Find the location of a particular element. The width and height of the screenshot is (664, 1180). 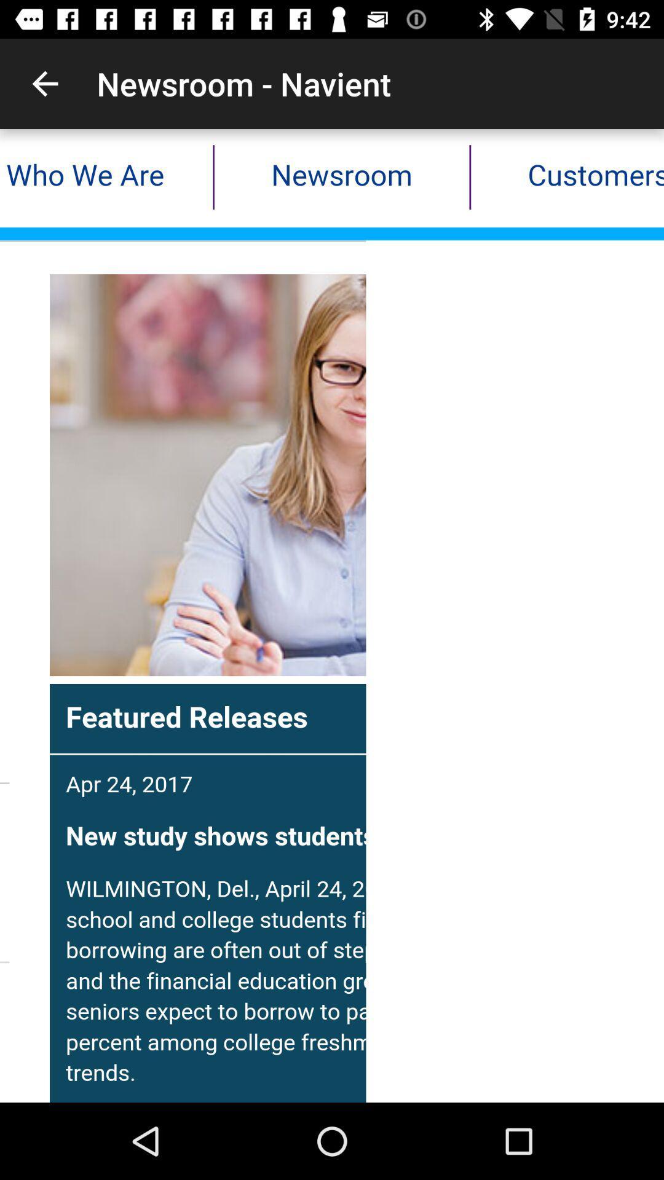

advertisement is located at coordinates (332, 616).